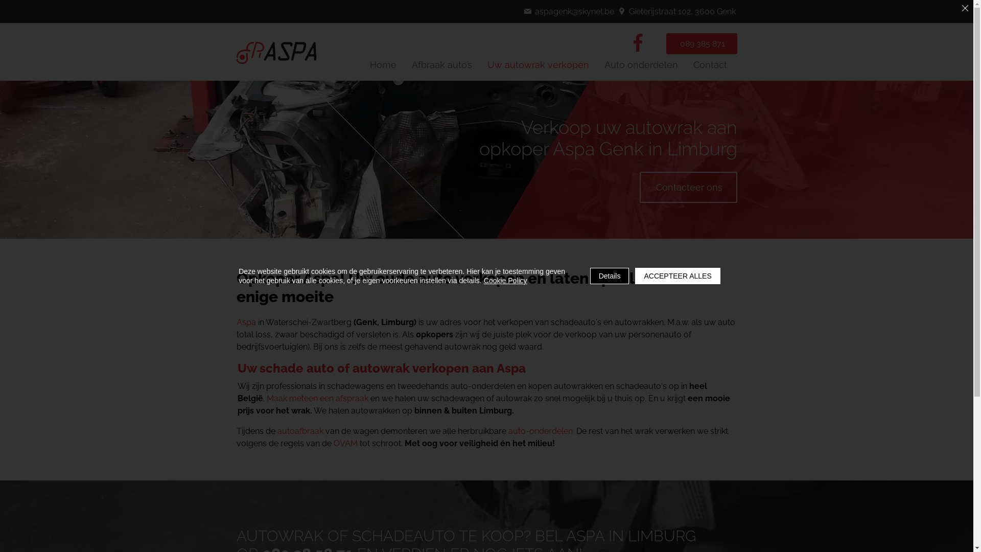  I want to click on 'auto-onderdelen', so click(507, 431).